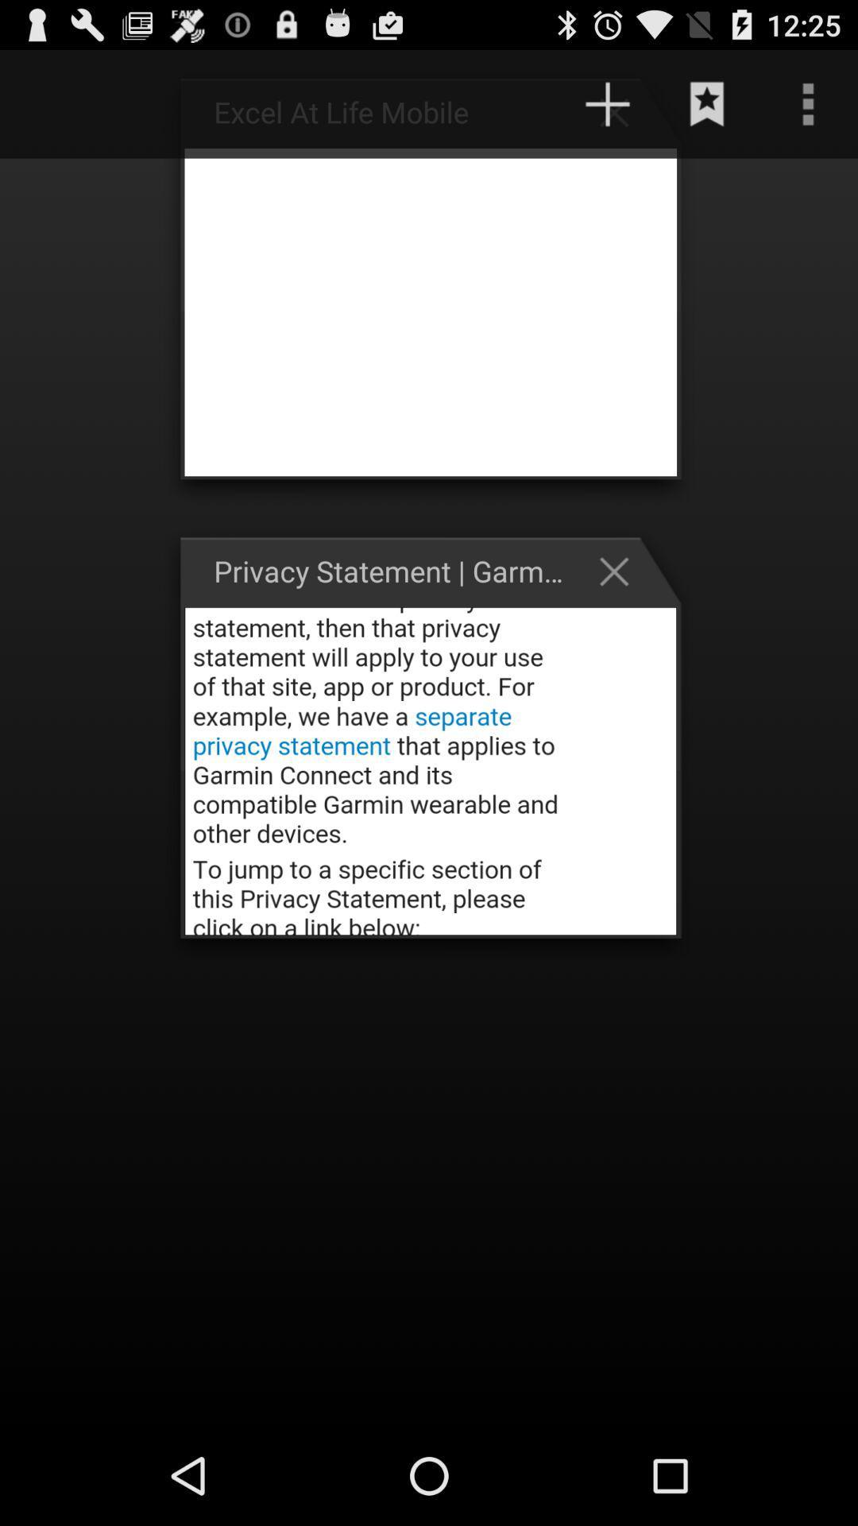 This screenshot has height=1526, width=858. I want to click on the add icon, so click(621, 118).